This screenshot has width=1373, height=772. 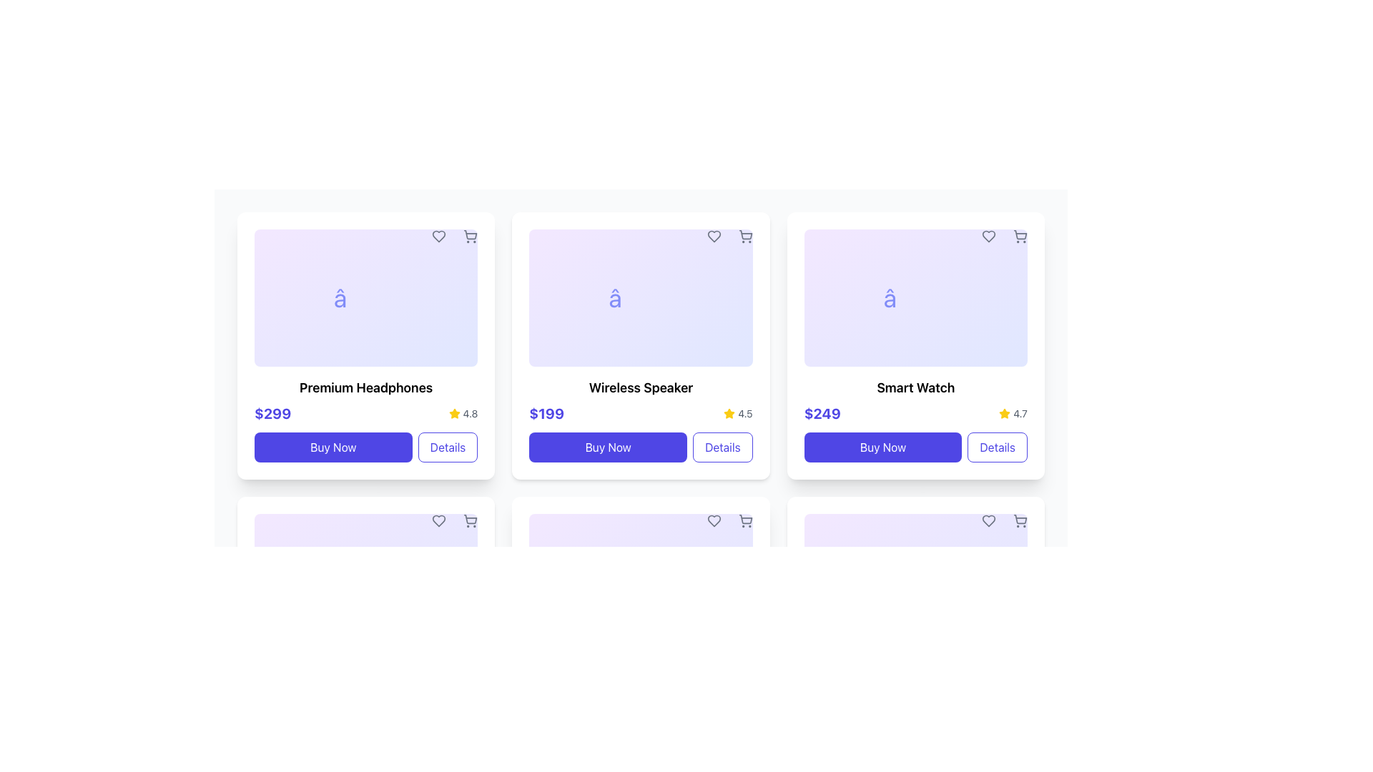 What do you see at coordinates (471, 236) in the screenshot?
I see `the circular interactive button with a shopping cart icon located at the top-right corner of the 'Premium Headphones' product card` at bounding box center [471, 236].